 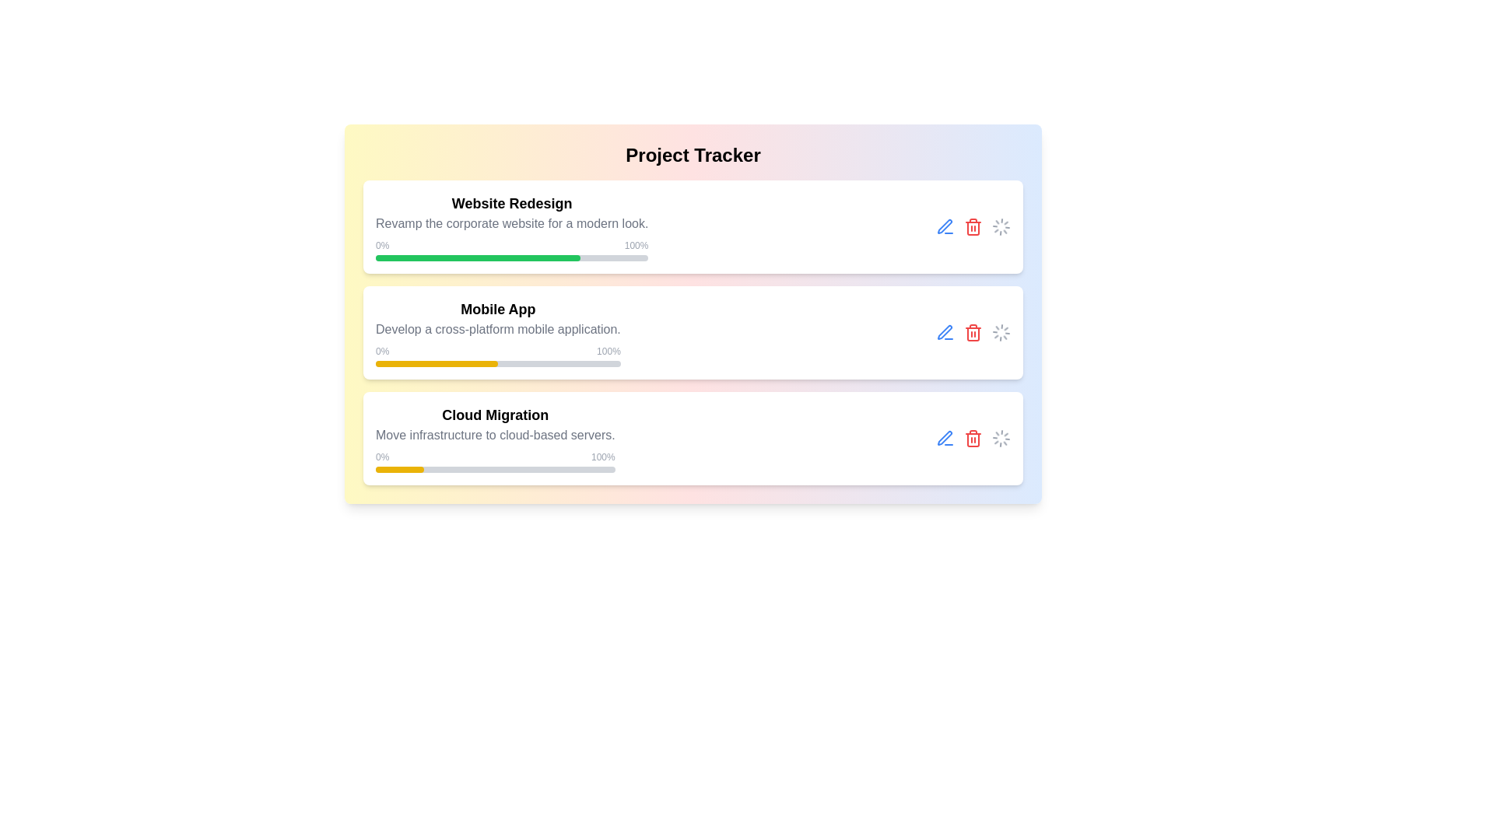 What do you see at coordinates (944, 438) in the screenshot?
I see `the edit button for the Cloud Migration project` at bounding box center [944, 438].